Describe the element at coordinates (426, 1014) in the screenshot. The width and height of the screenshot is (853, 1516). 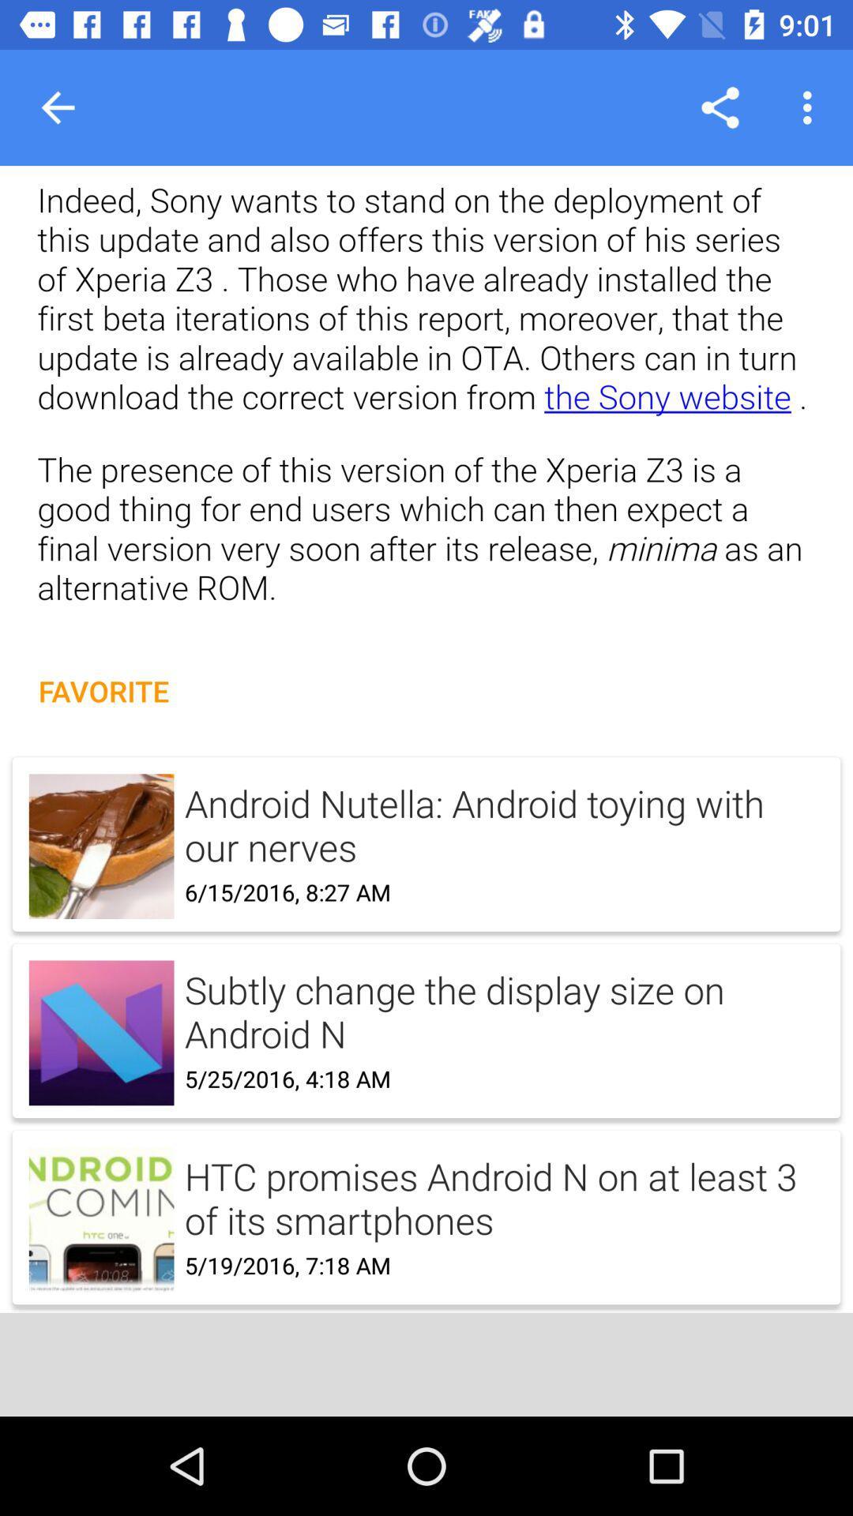
I see `open favorite article` at that location.